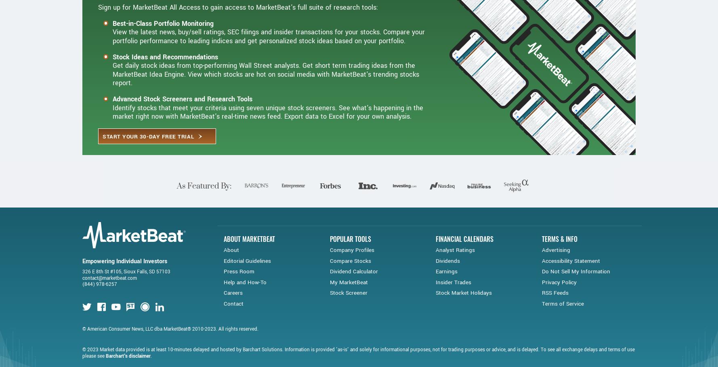  What do you see at coordinates (554, 323) in the screenshot?
I see `'RSS Feeds'` at bounding box center [554, 323].